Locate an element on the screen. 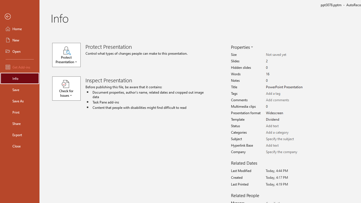 This screenshot has height=203, width=361. 'Back' is located at coordinates (19, 16).